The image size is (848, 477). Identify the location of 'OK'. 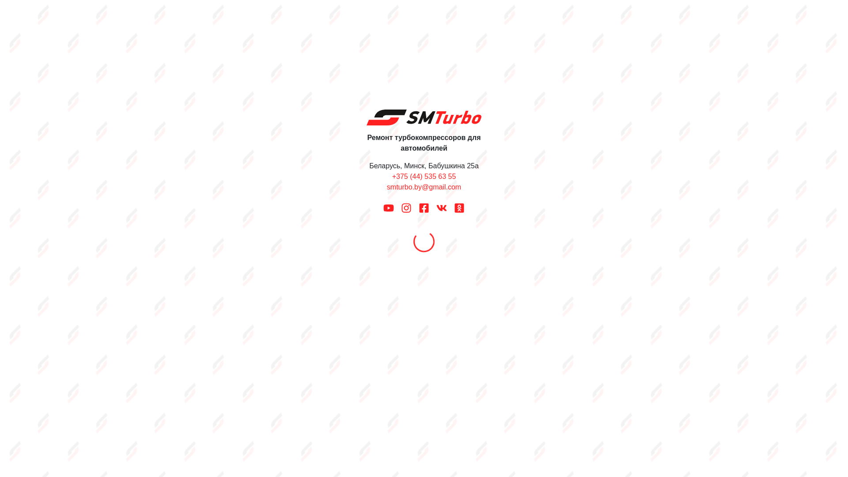
(459, 207).